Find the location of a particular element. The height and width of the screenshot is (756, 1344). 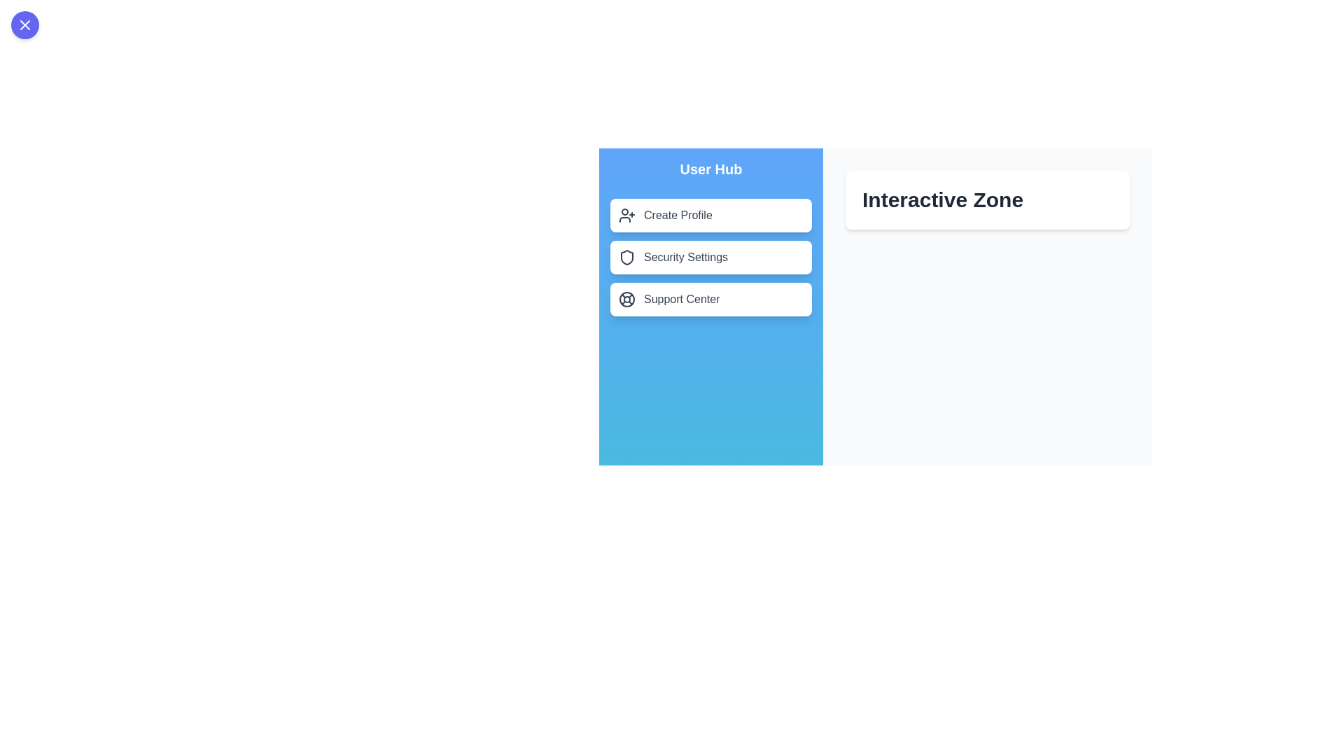

the menu item labeled 'Support Center' to observe its hover effect is located at coordinates (711, 299).